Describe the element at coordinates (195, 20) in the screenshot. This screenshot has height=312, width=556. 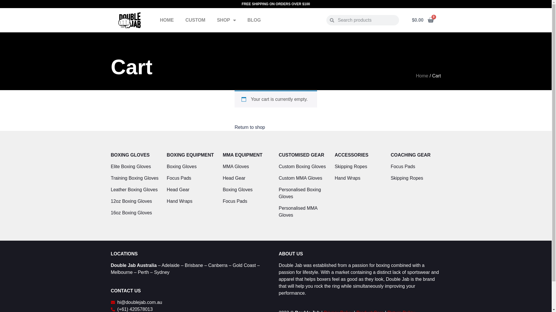
I see `'CUSTOM'` at that location.